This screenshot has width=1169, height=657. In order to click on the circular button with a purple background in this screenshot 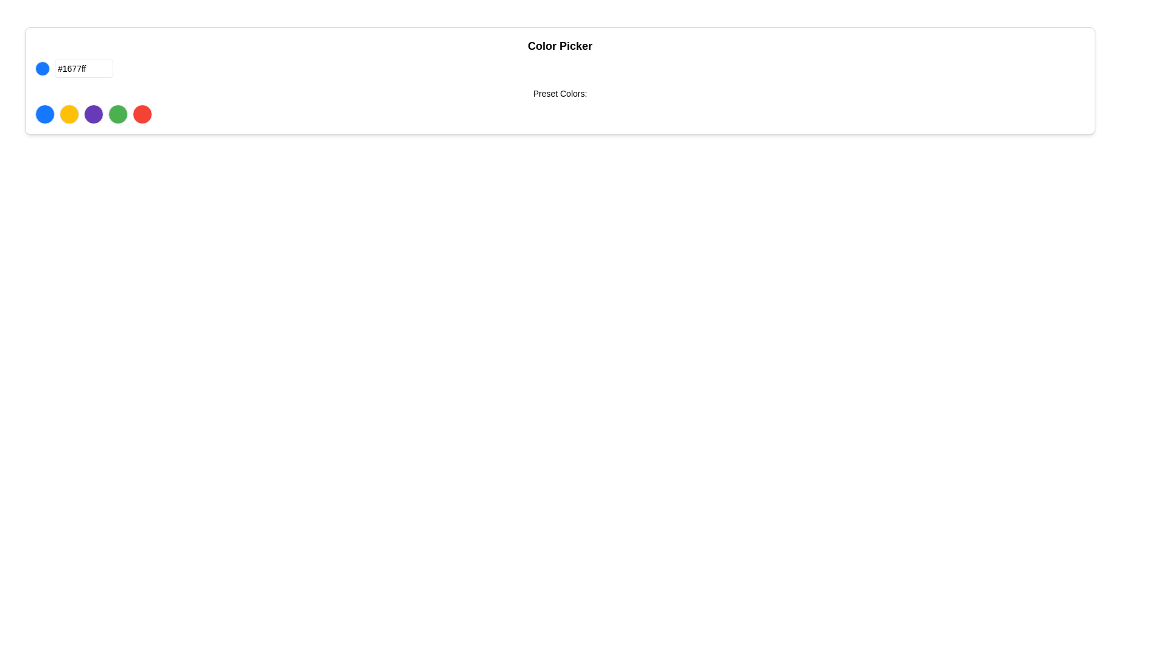, I will do `click(93, 114)`.